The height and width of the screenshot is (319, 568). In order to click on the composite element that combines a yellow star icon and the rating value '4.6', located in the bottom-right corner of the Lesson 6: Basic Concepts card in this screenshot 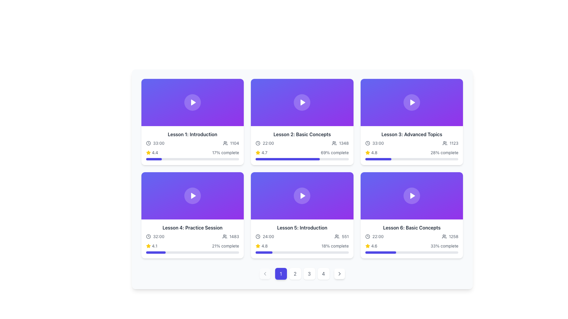, I will do `click(371, 246)`.